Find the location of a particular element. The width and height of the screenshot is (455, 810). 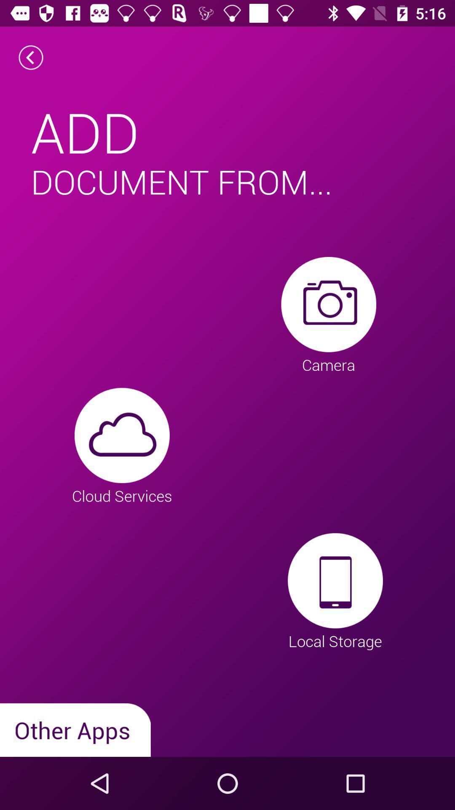

the arrow_backward icon is located at coordinates (30, 57).